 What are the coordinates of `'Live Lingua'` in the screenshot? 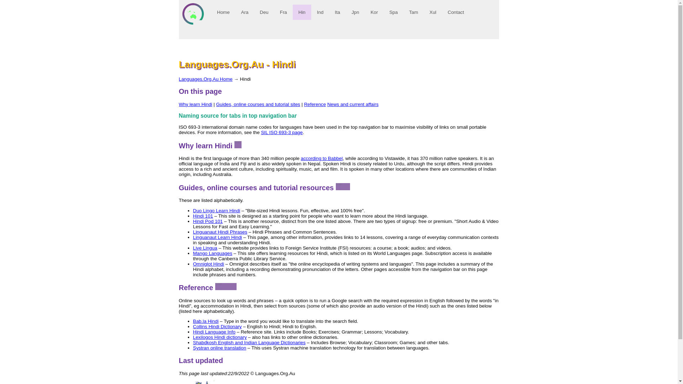 It's located at (205, 247).